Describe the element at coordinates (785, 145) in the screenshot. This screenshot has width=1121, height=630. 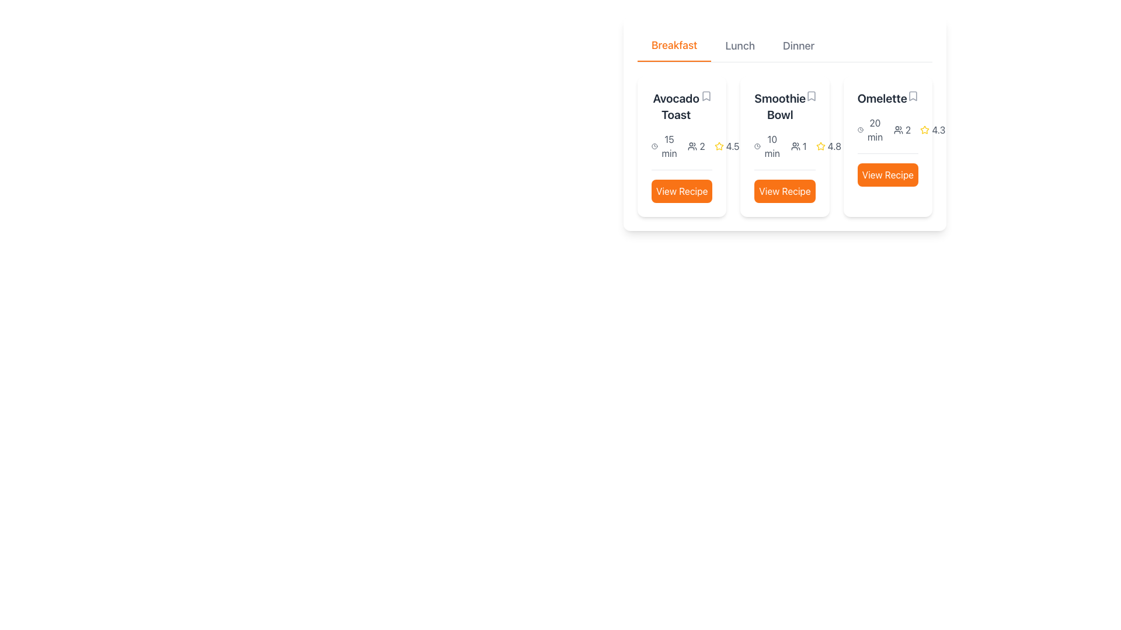
I see `the text display with inline icons showing '10 min' and '14.8' within the 'Smoothie Bowl' card, located centrally below the title` at that location.